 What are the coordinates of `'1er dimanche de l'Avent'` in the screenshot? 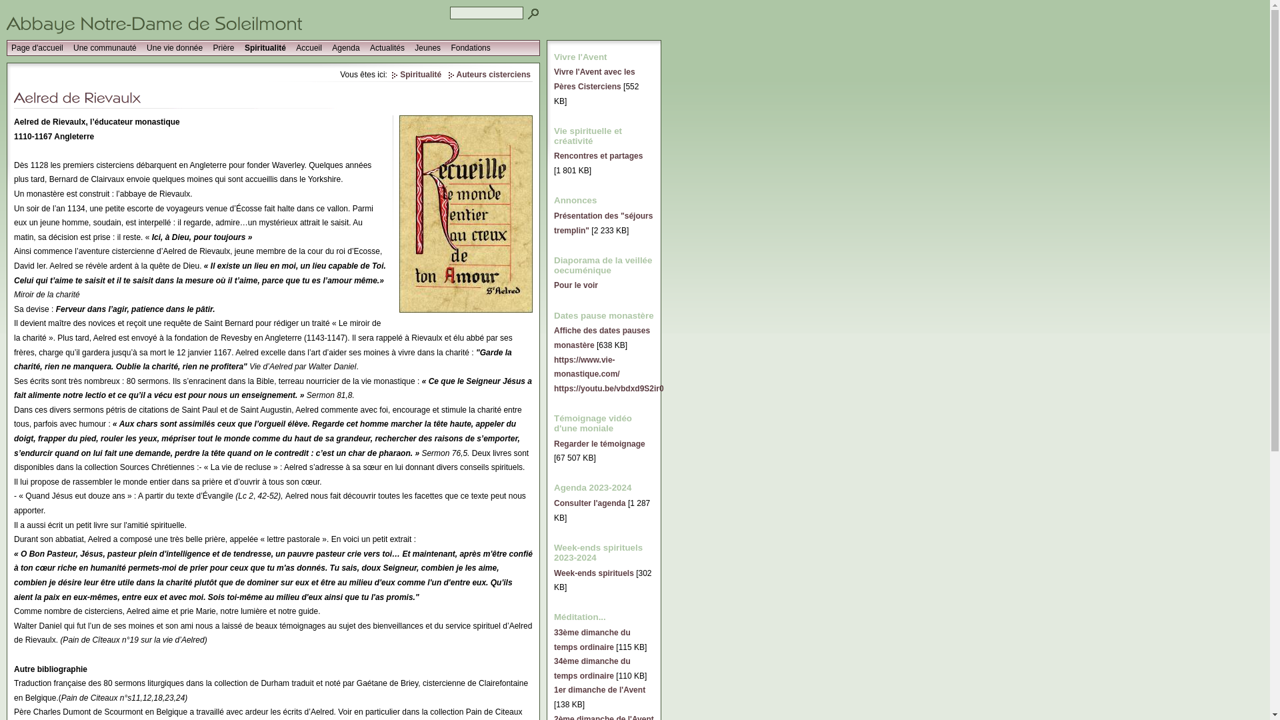 It's located at (553, 689).